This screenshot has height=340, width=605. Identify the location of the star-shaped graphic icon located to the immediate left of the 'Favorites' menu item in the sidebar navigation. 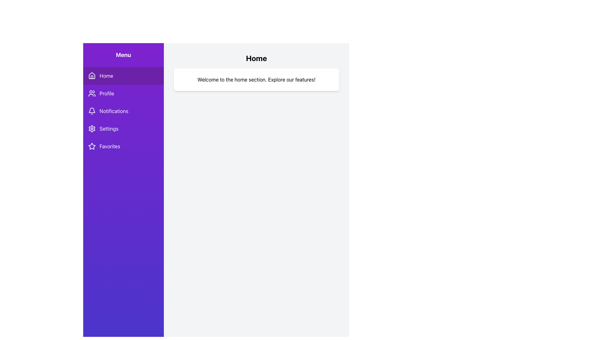
(92, 146).